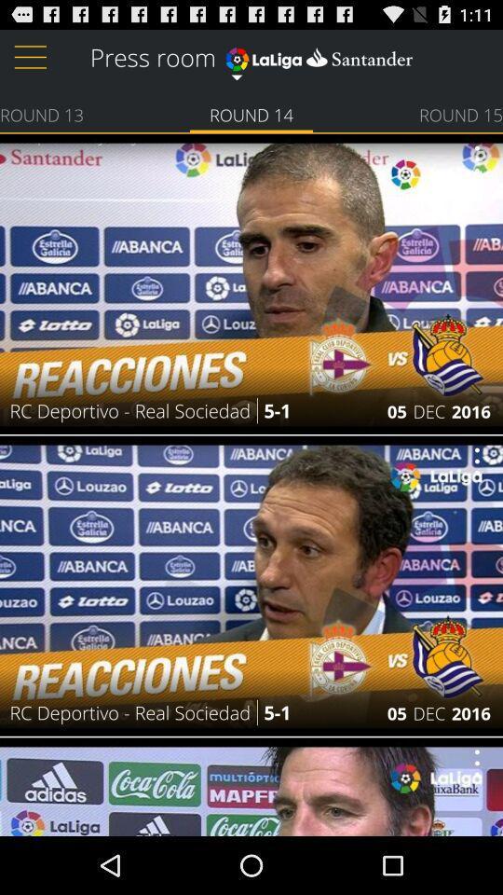 This screenshot has width=503, height=895. What do you see at coordinates (460, 113) in the screenshot?
I see `round 15 app` at bounding box center [460, 113].